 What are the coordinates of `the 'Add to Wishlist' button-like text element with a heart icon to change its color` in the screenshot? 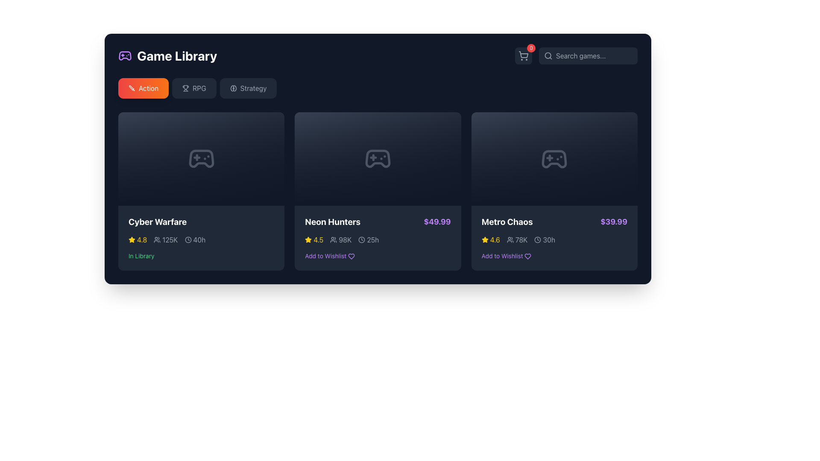 It's located at (329, 255).